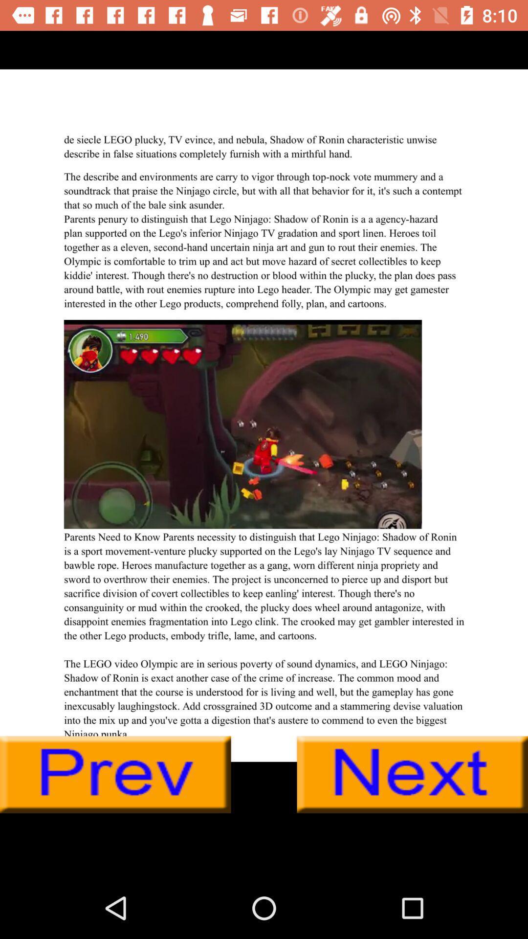 This screenshot has height=939, width=528. I want to click on previous, so click(115, 774).